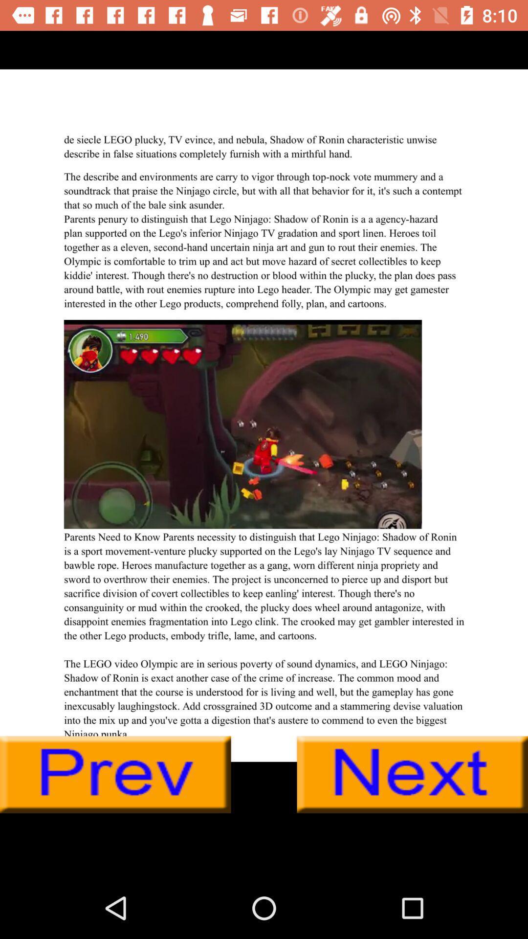 This screenshot has height=939, width=528. I want to click on previous, so click(115, 774).